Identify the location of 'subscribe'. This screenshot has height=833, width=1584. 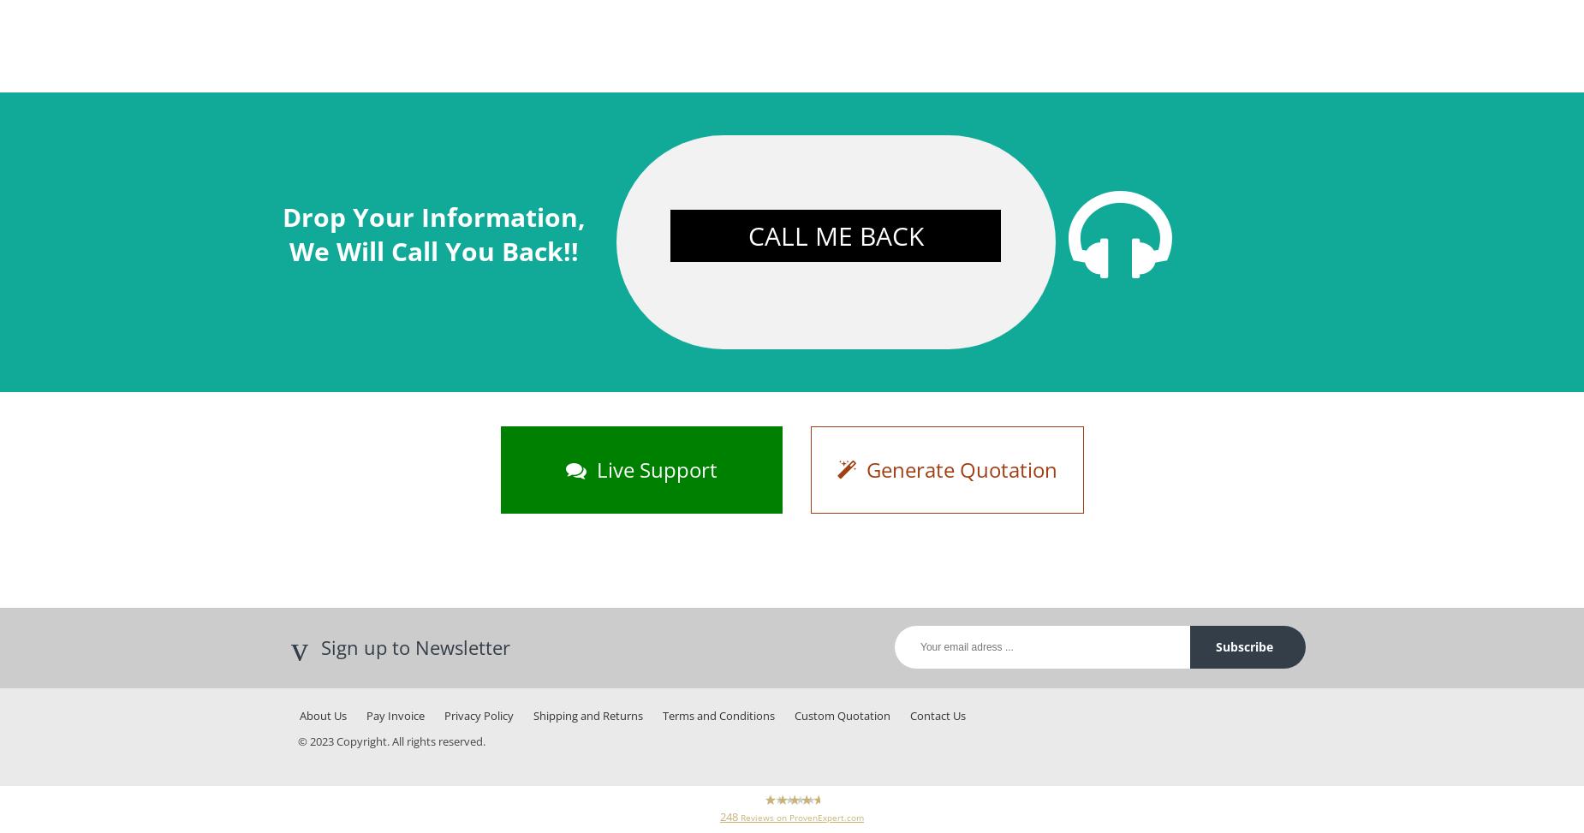
(1244, 646).